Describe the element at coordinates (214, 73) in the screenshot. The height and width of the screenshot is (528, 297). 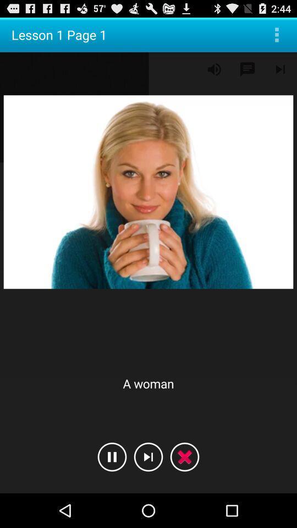
I see `the volume icon` at that location.